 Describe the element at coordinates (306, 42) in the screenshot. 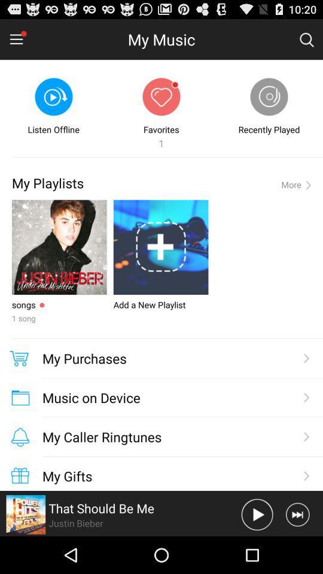

I see `the search icon` at that location.